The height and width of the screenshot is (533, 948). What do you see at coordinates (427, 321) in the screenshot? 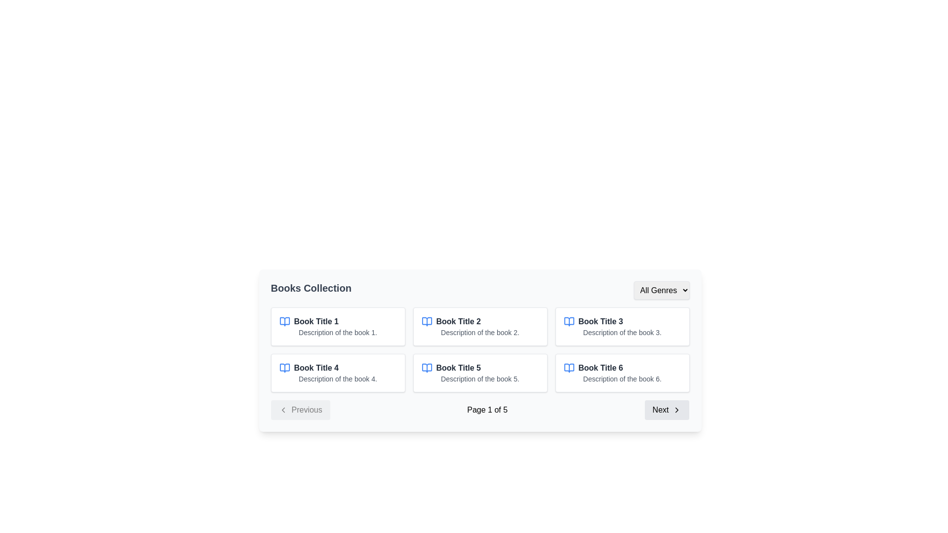
I see `the book icon located to the left of the title text 'Book Title 2' in the second position of a 2x3 grid layout` at bounding box center [427, 321].